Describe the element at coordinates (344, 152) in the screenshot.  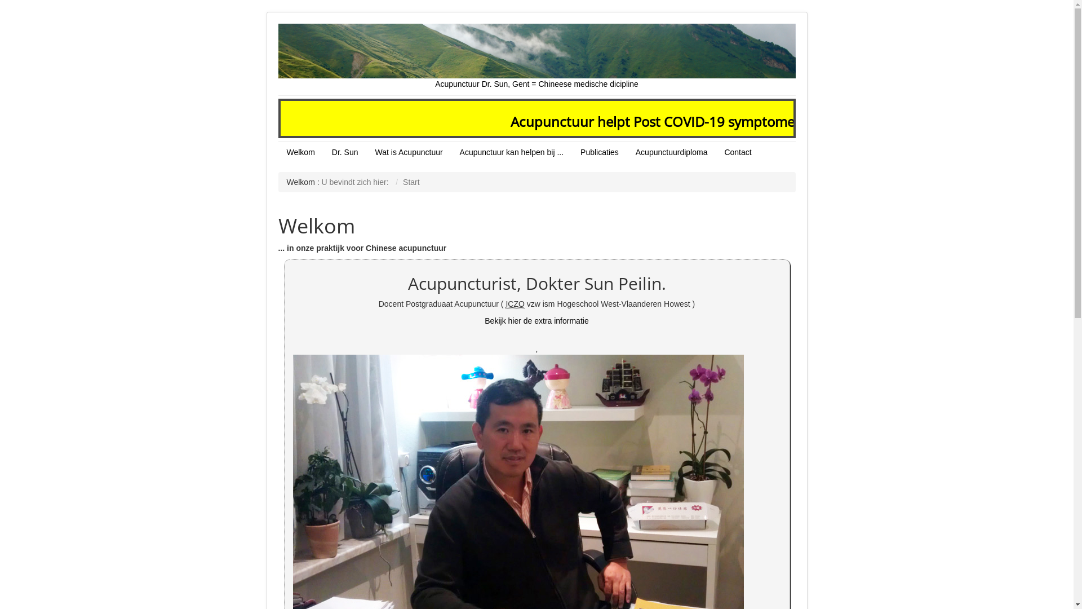
I see `'Dr. Sun'` at that location.